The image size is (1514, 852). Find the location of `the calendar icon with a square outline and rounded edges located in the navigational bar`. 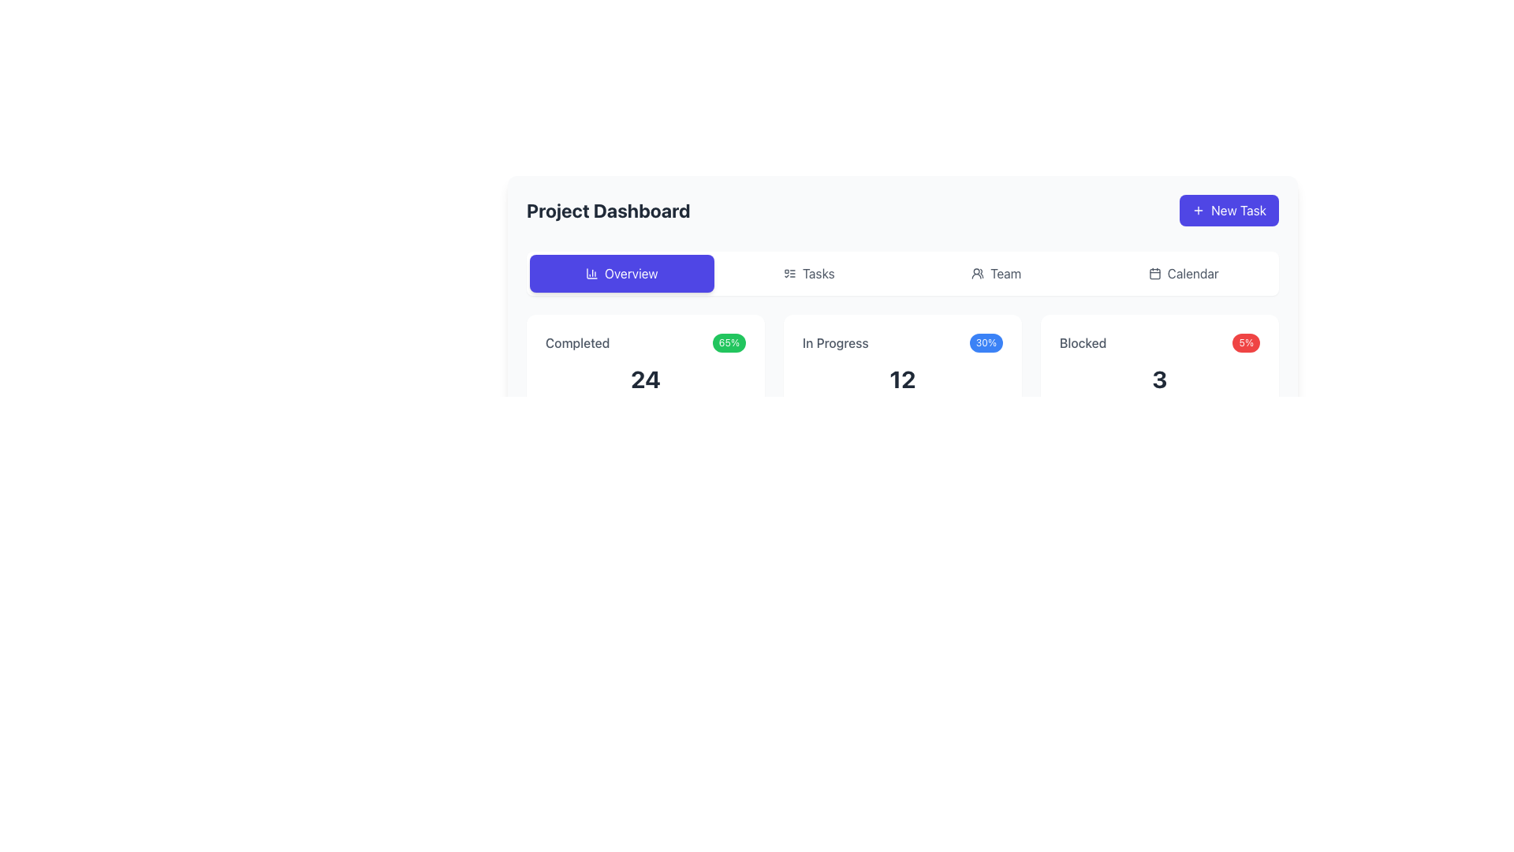

the calendar icon with a square outline and rounded edges located in the navigational bar is located at coordinates (1154, 273).